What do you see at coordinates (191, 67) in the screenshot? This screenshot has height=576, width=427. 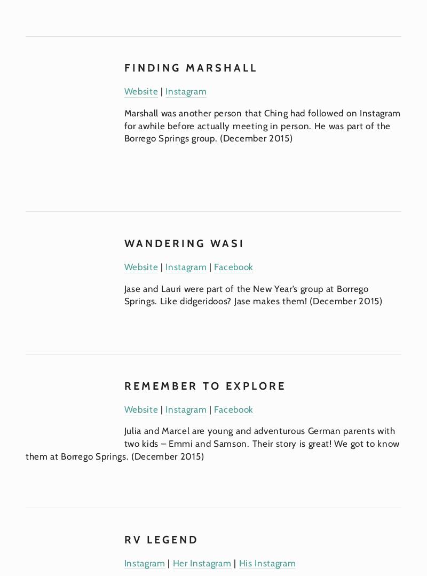 I see `'Finding Marshall'` at bounding box center [191, 67].